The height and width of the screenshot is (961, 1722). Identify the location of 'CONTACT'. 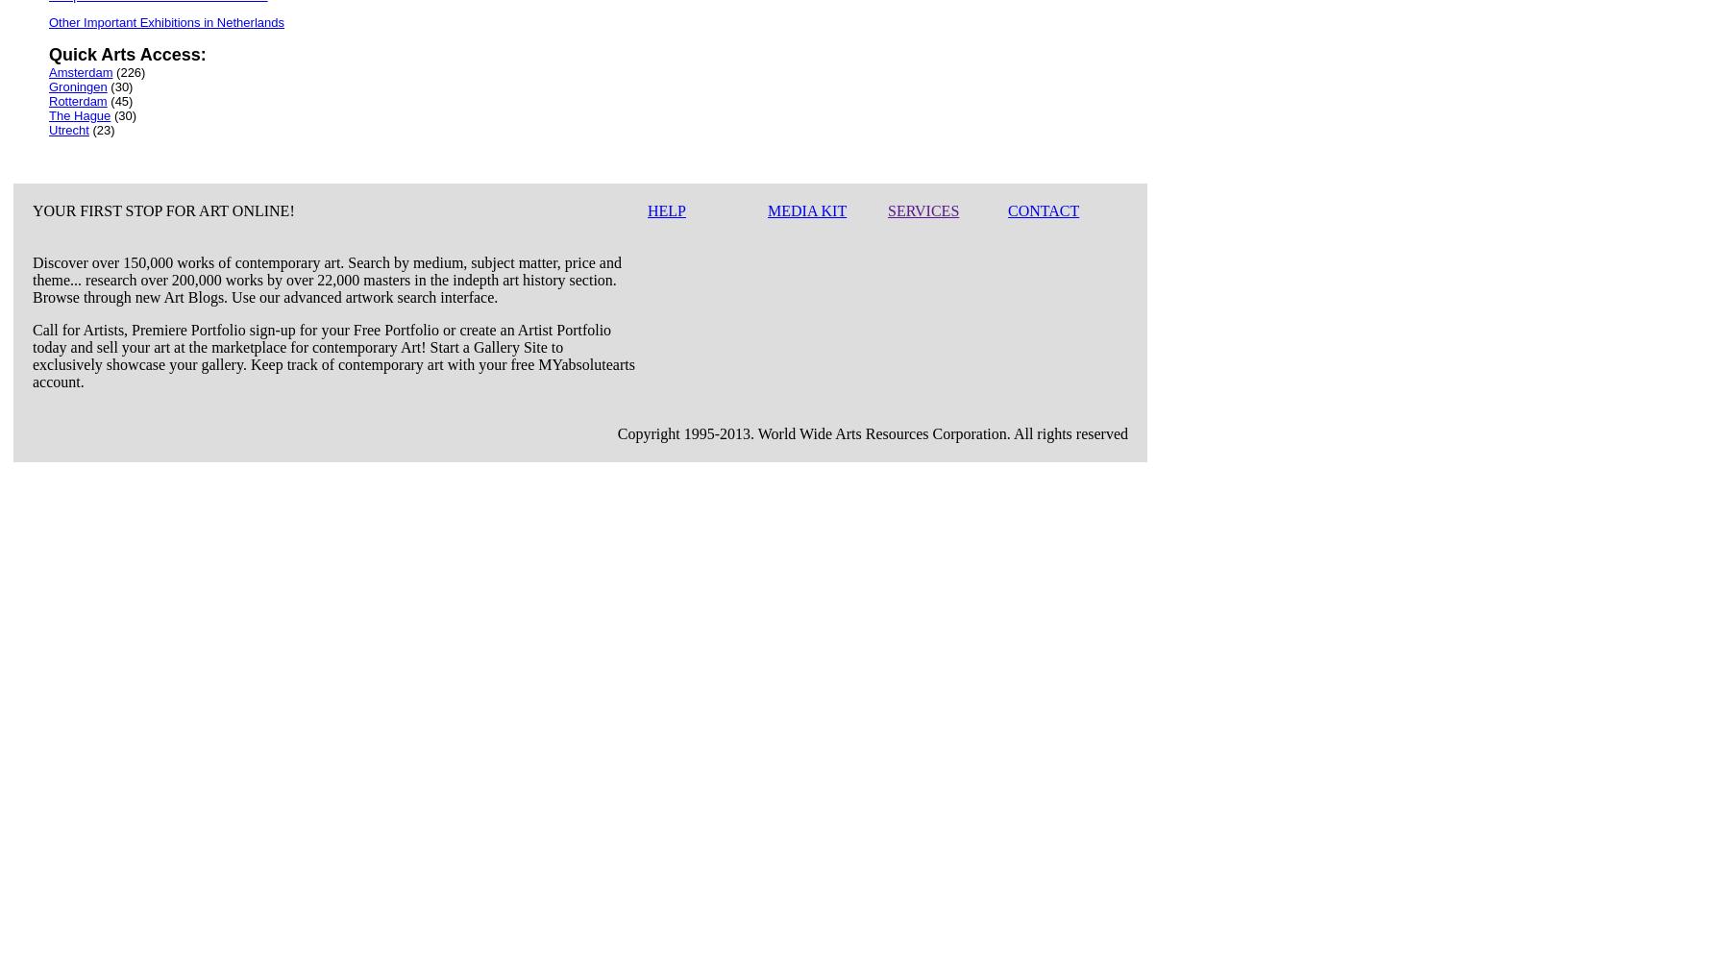
(1008, 209).